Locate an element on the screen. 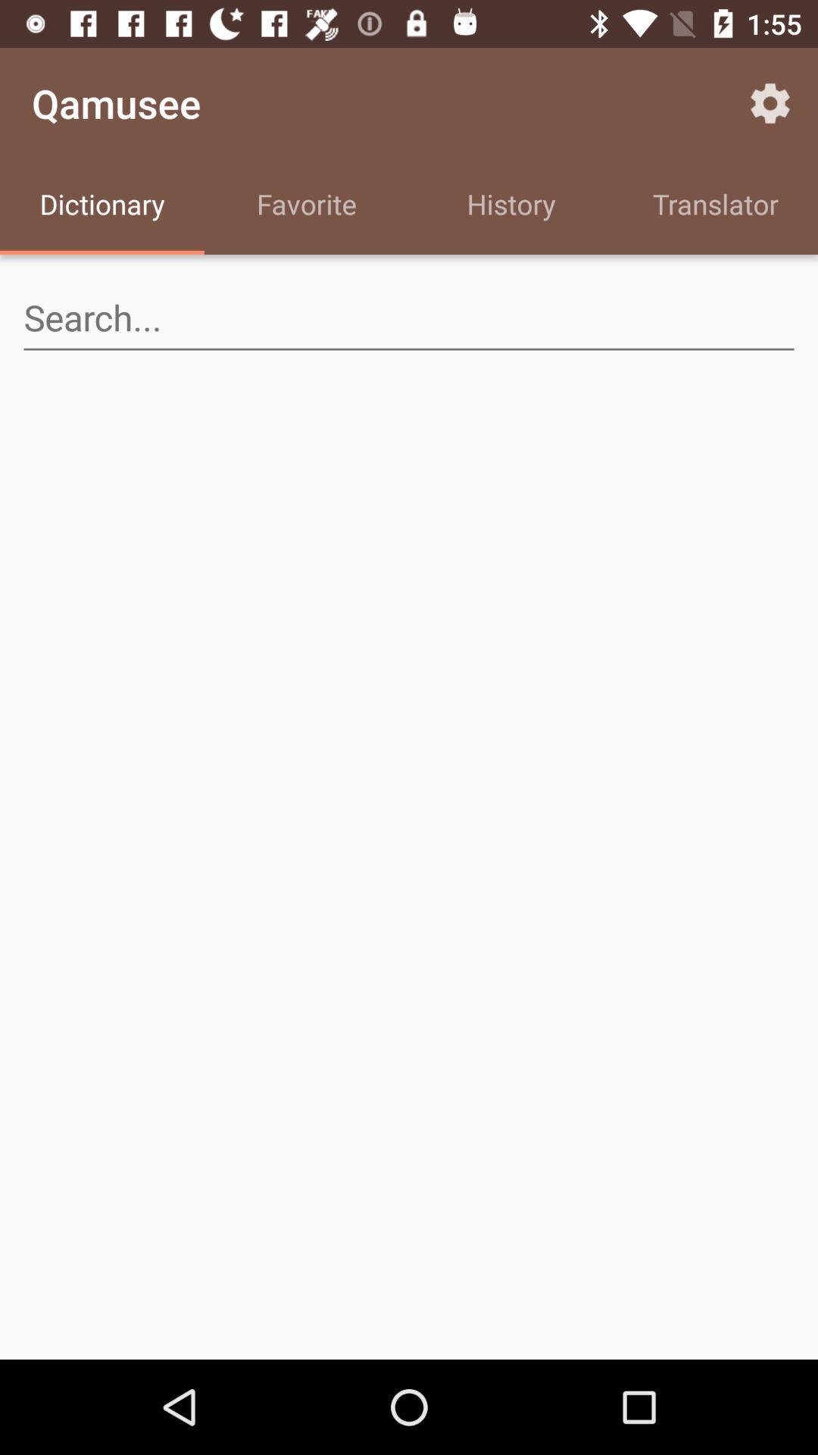  dictionary item is located at coordinates (102, 206).